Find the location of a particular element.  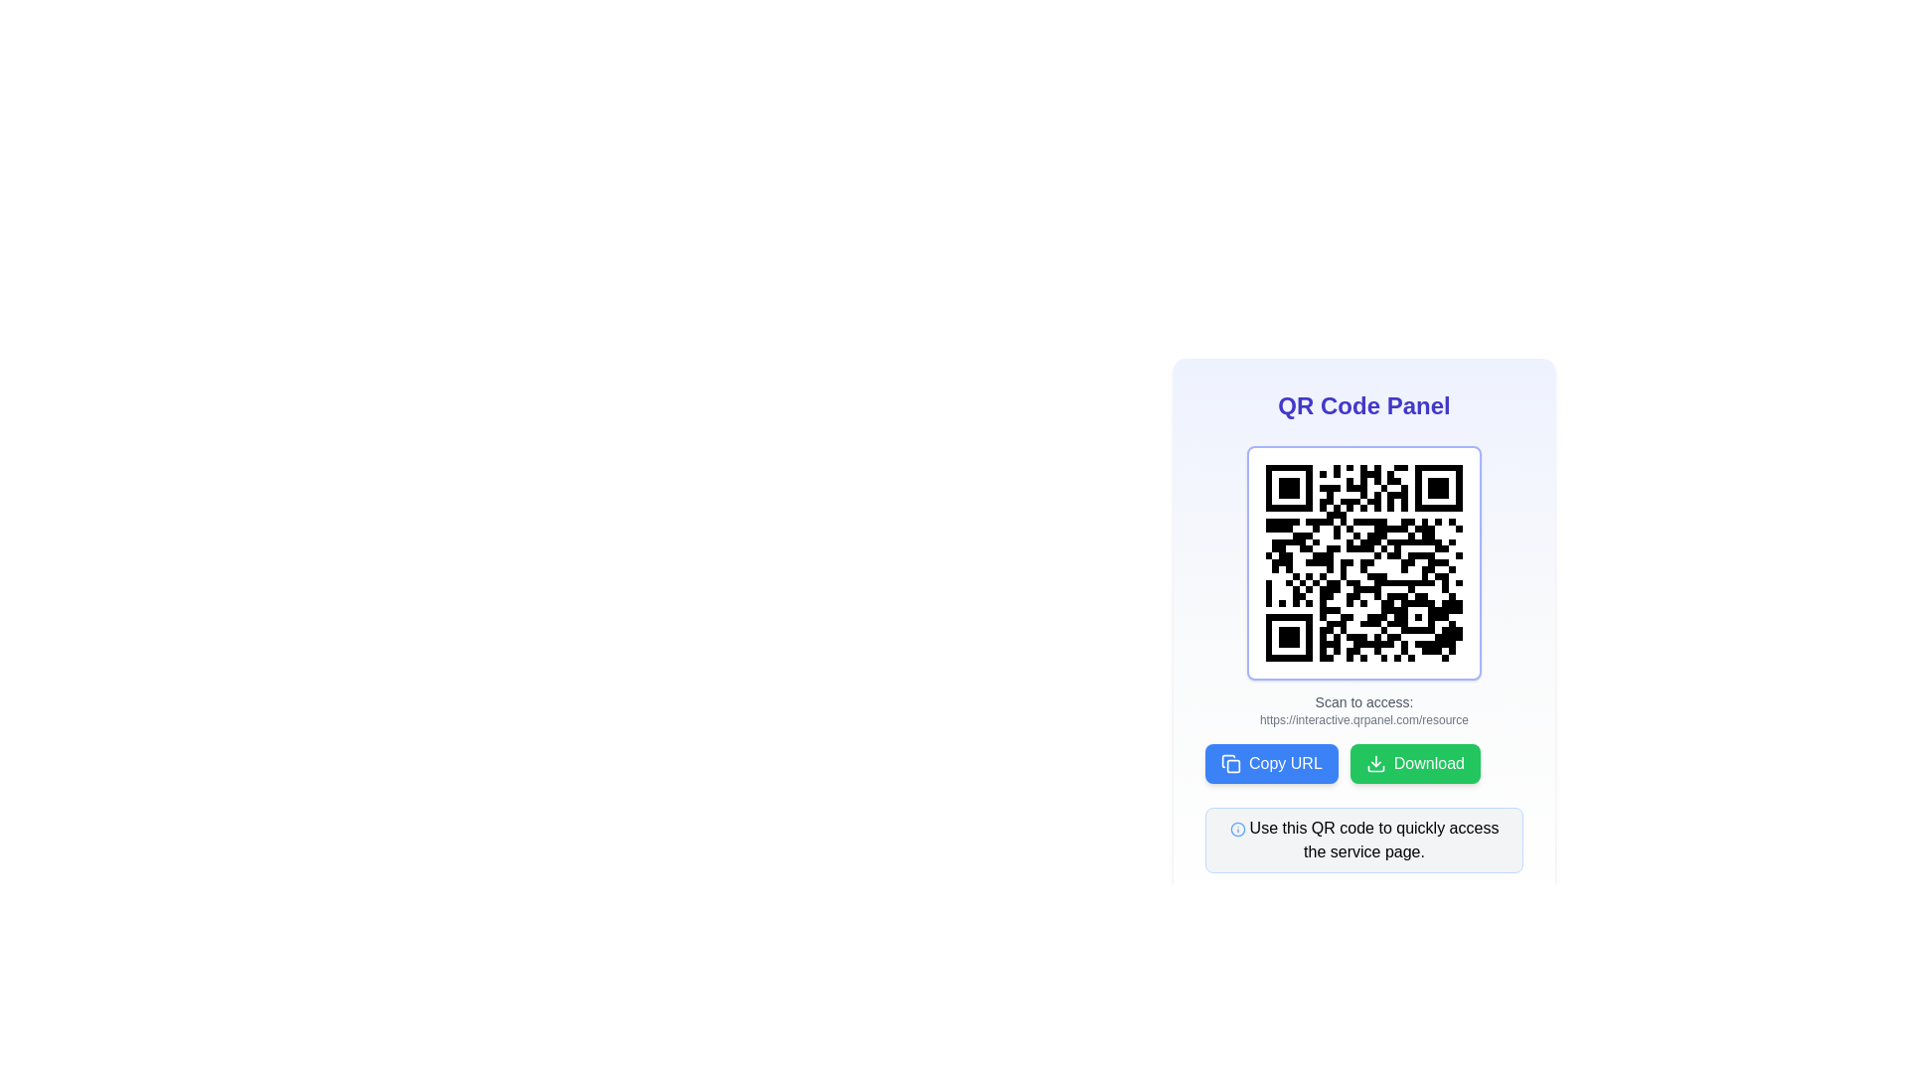

the download button located to the right of the 'Copy URL' button at the bottom of the QR code panel is located at coordinates (1414, 762).